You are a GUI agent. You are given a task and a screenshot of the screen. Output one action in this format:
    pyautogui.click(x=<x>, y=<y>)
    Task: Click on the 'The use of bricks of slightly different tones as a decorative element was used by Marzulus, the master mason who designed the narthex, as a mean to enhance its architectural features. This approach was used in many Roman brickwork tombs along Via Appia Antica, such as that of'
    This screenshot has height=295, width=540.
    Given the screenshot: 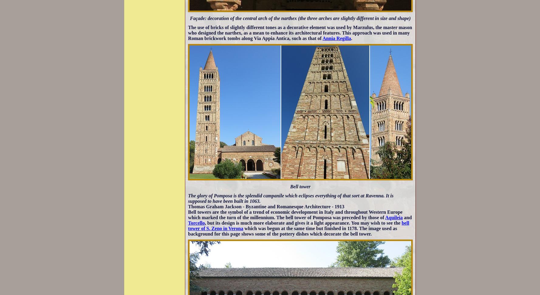 What is the action you would take?
    pyautogui.click(x=299, y=32)
    